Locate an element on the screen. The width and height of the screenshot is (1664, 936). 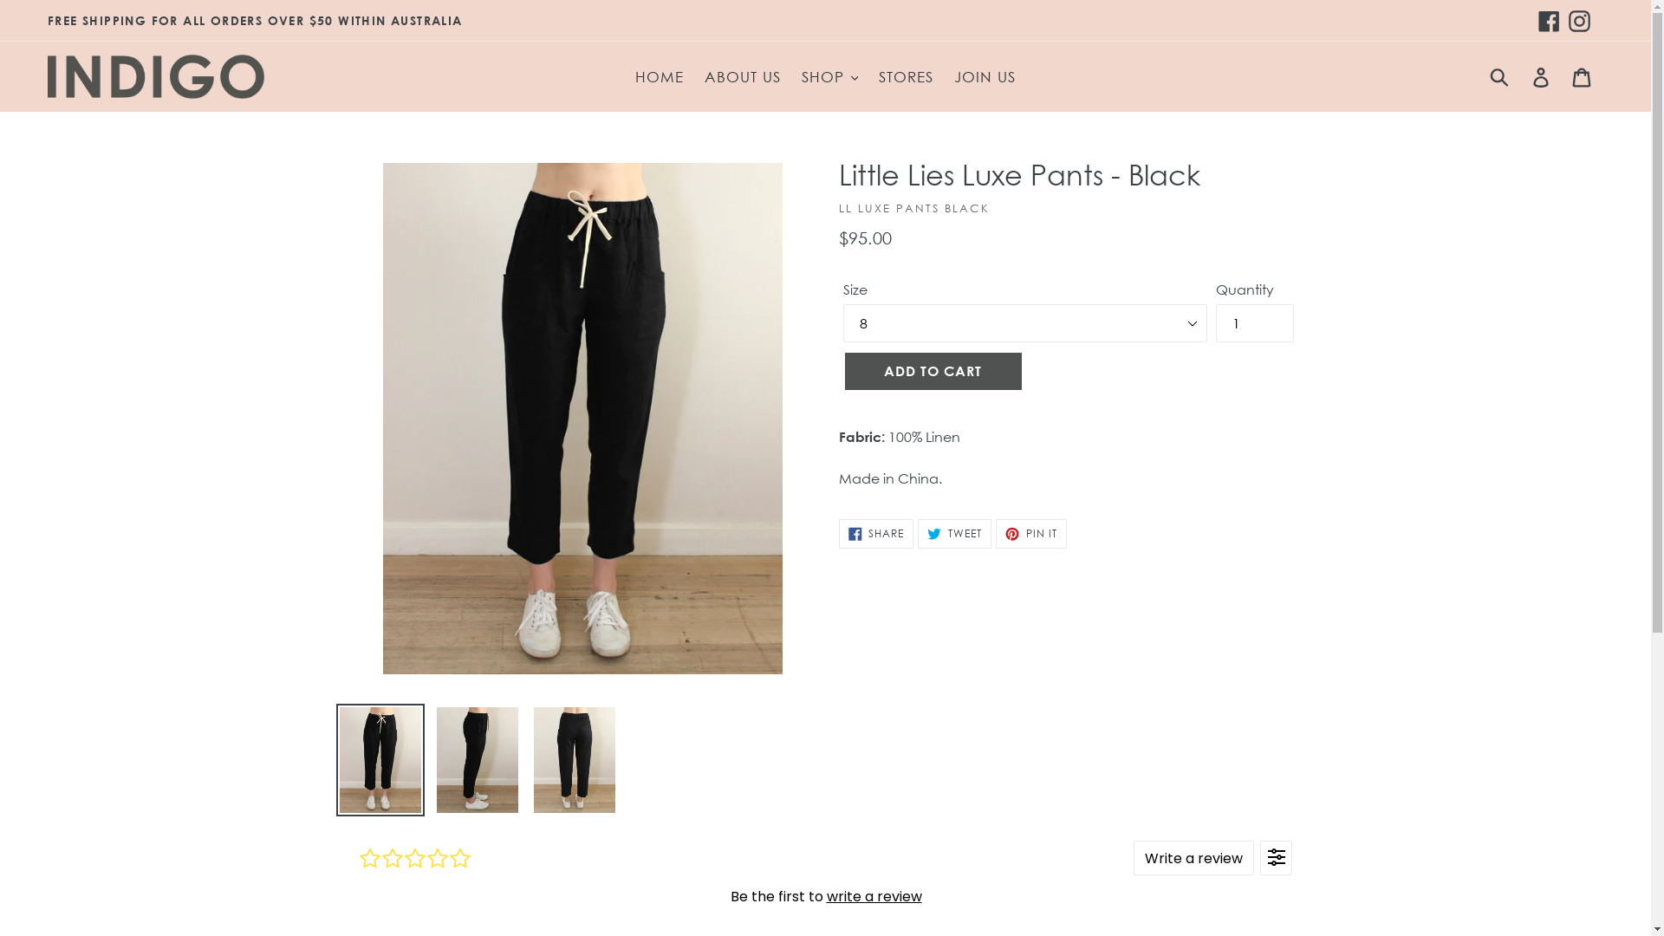
'TWEET is located at coordinates (953, 533).